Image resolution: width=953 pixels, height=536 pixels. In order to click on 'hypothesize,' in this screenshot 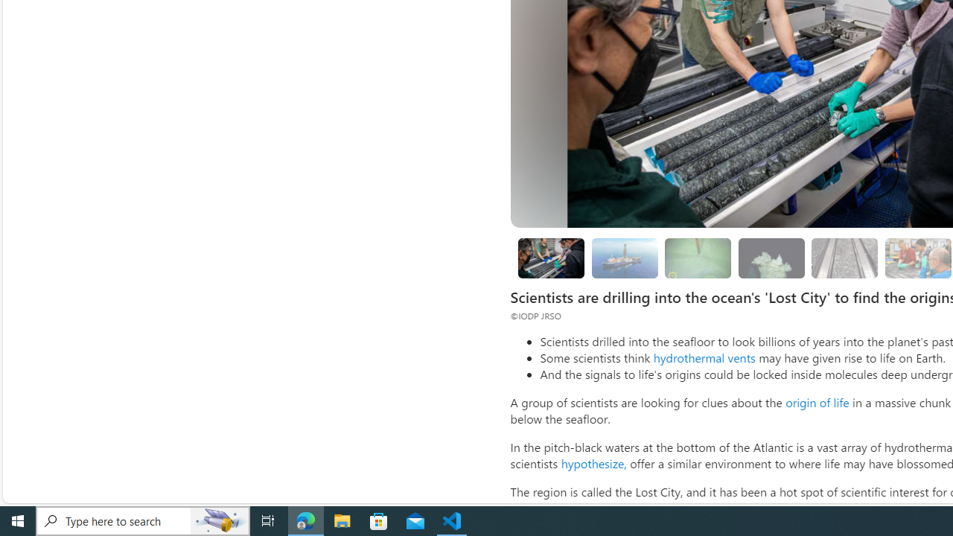, I will do `click(593, 462)`.